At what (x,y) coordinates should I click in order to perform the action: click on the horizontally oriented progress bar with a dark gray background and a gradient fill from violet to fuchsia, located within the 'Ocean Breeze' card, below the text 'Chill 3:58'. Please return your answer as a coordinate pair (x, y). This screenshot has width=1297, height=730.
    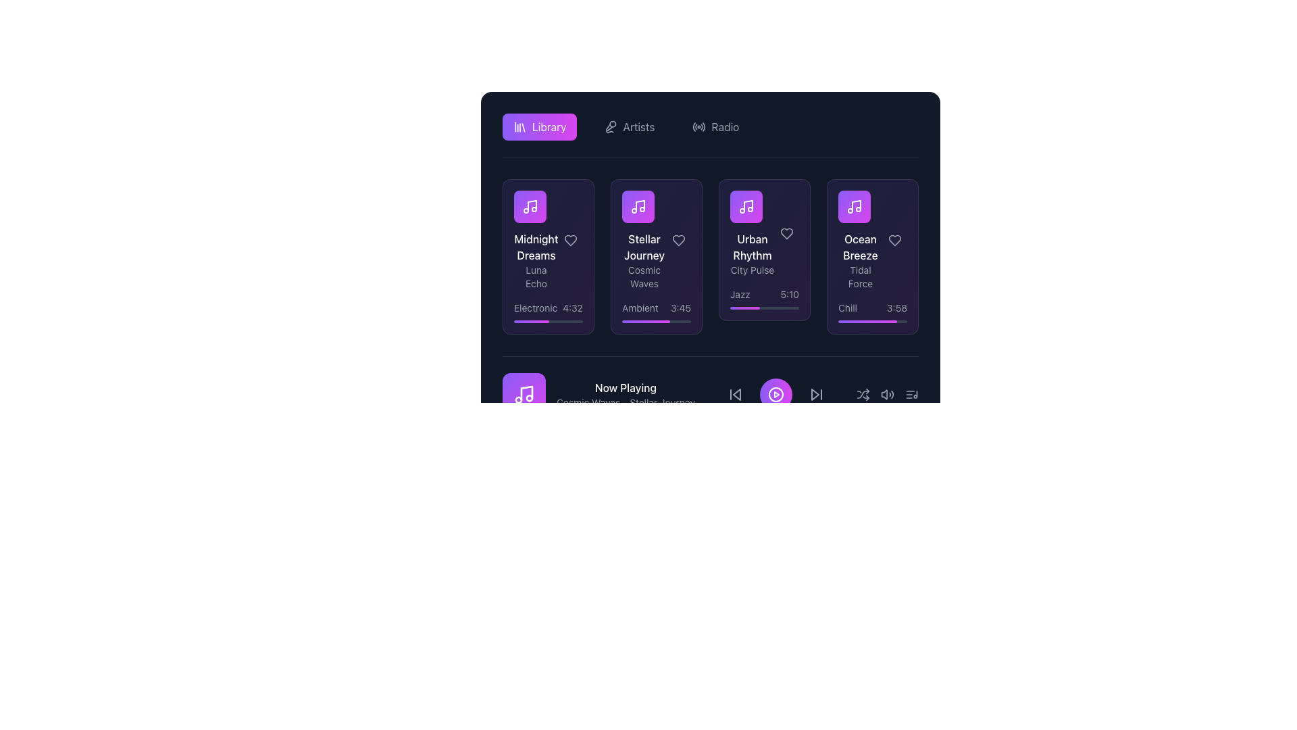
    Looking at the image, I should click on (872, 321).